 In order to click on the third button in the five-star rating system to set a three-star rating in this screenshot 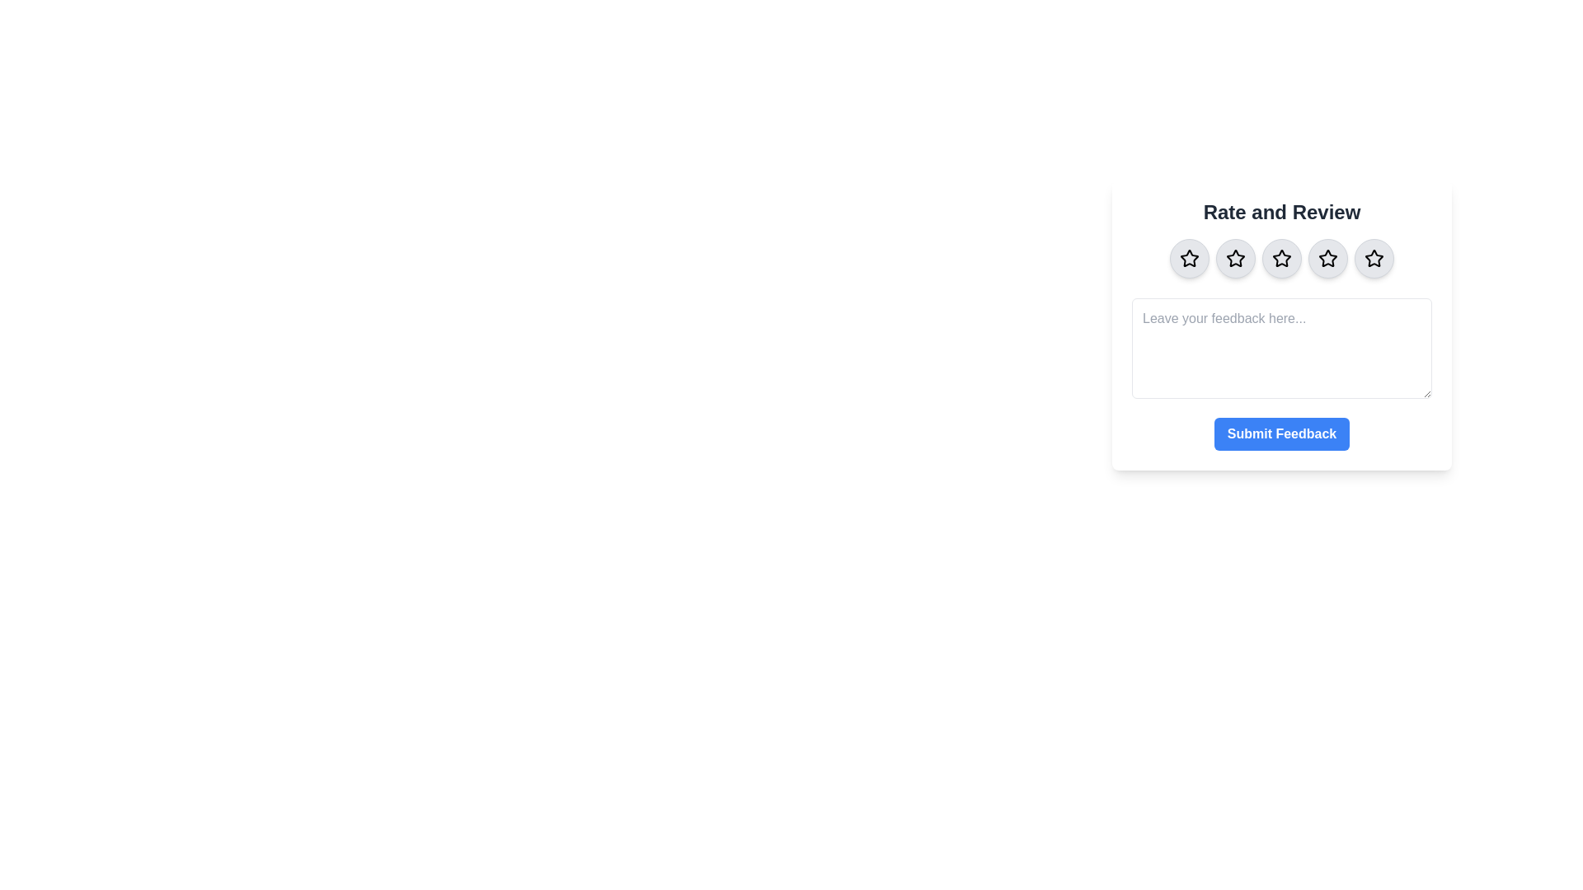, I will do `click(1281, 258)`.